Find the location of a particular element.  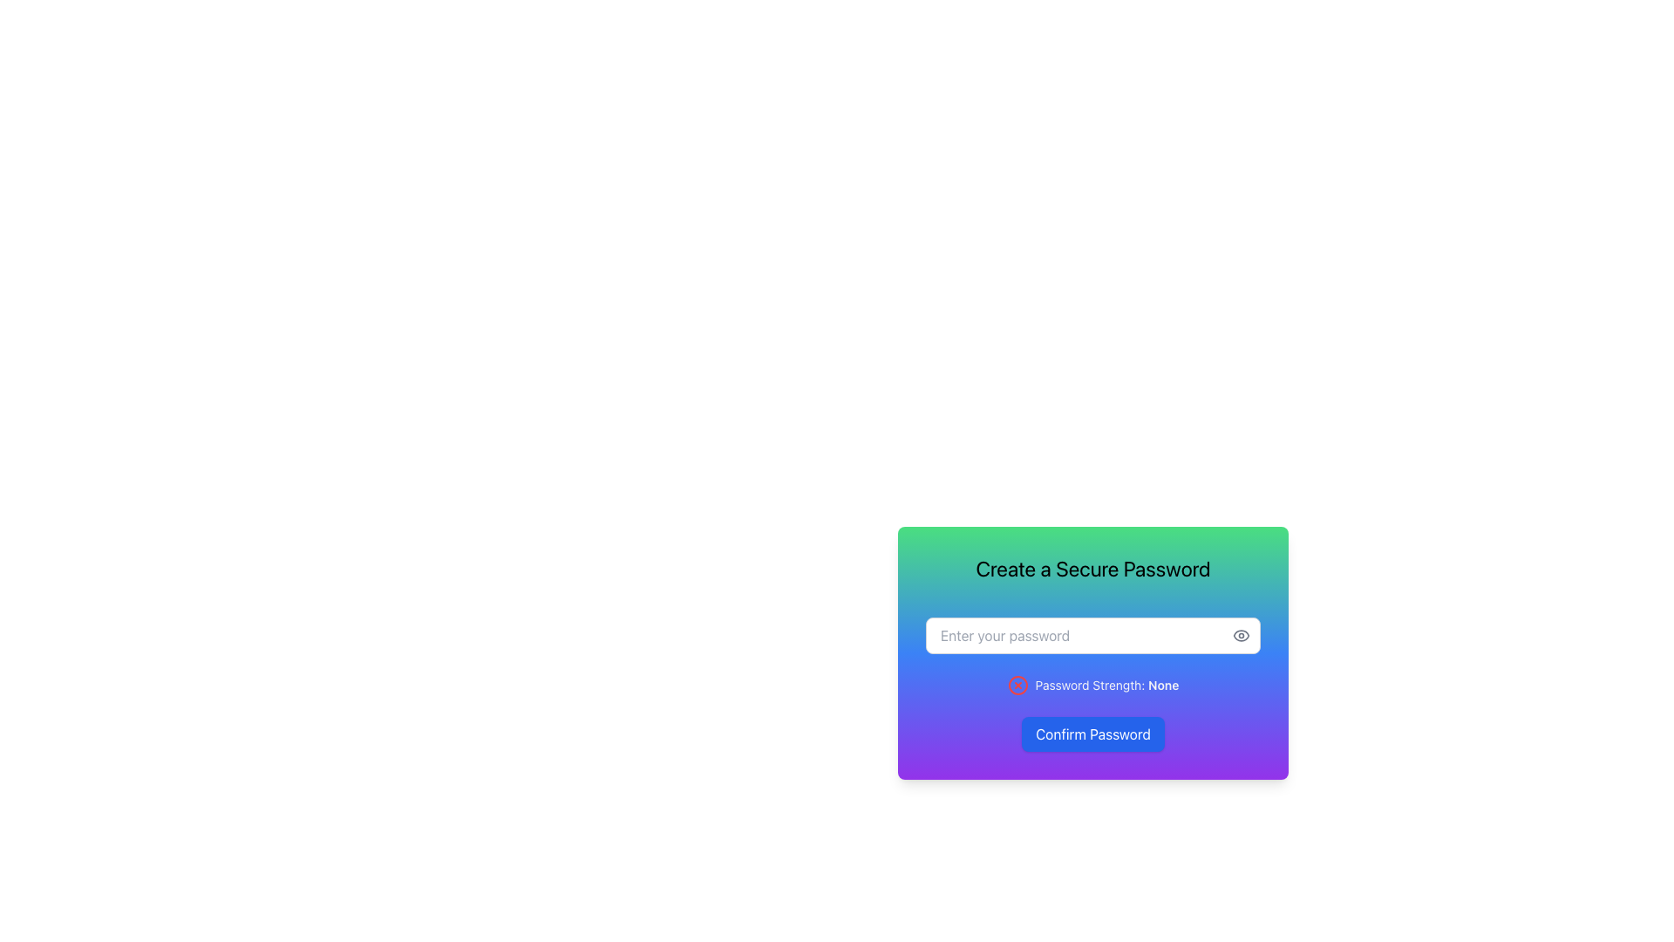

the eye icon located on the right-hand side of the password input field is located at coordinates (1241, 636).